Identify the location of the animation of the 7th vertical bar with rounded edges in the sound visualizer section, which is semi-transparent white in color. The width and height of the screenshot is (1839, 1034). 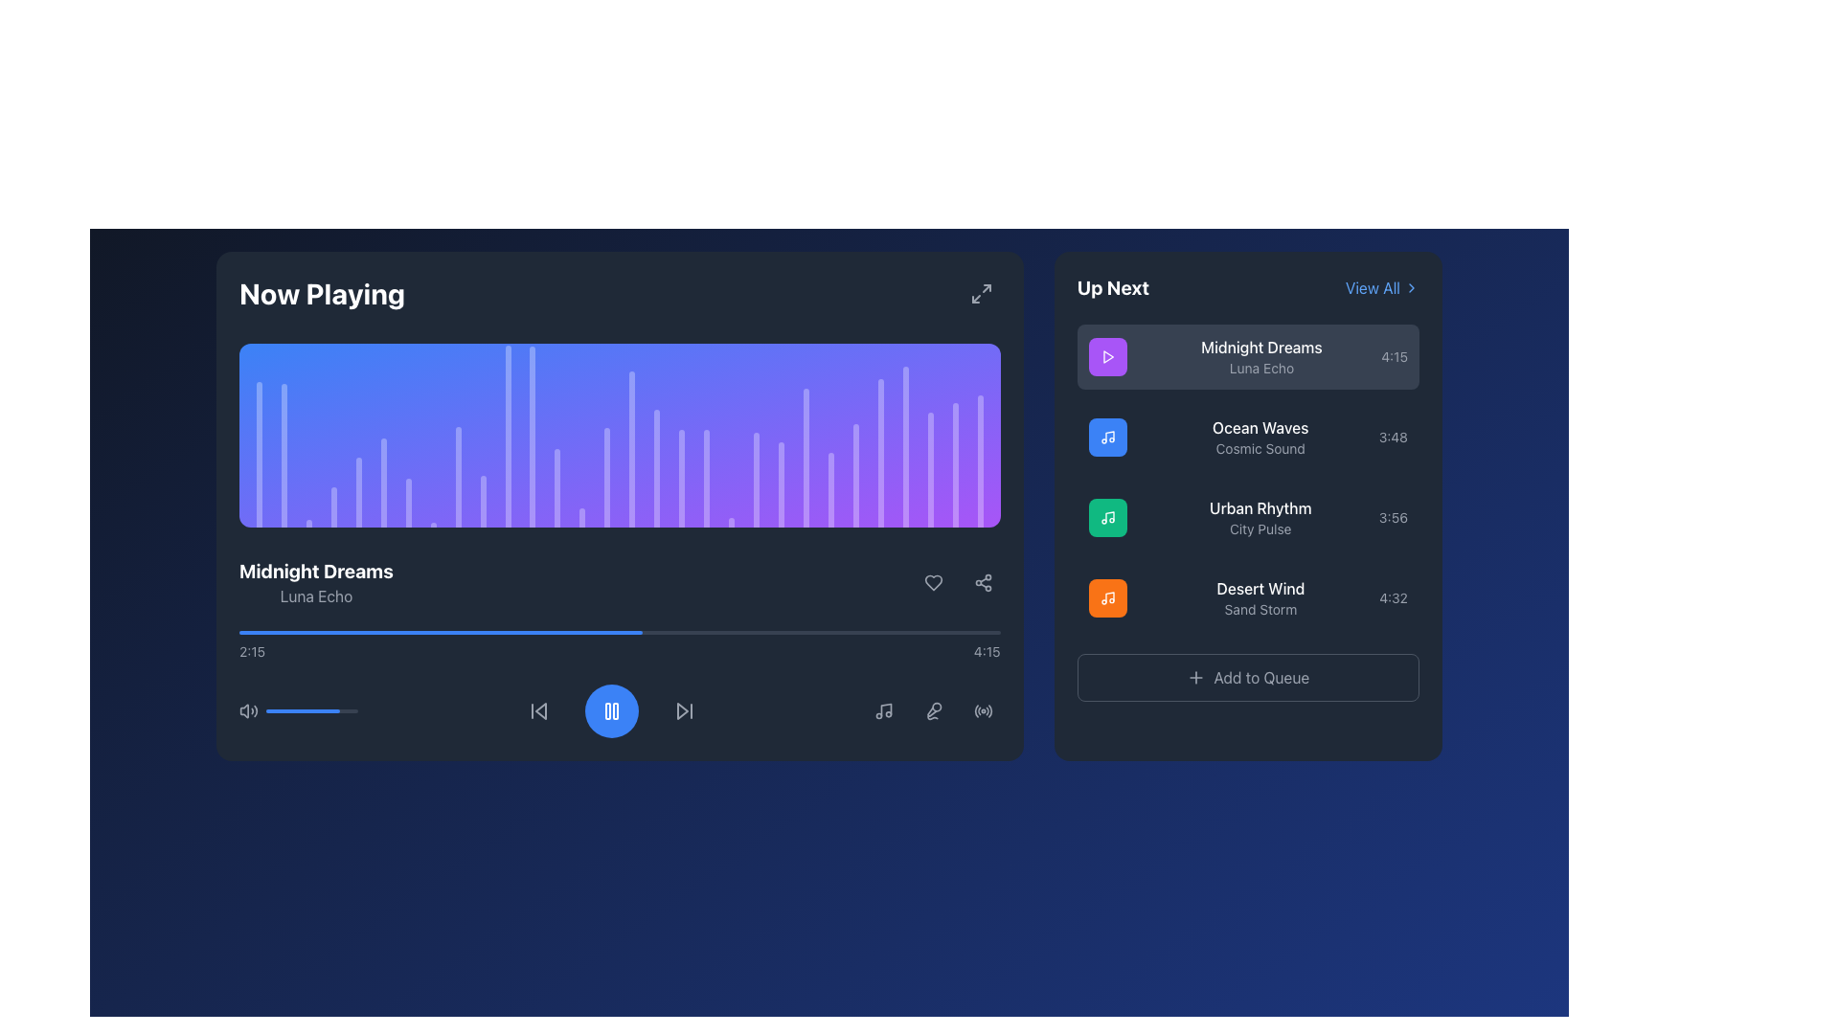
(407, 502).